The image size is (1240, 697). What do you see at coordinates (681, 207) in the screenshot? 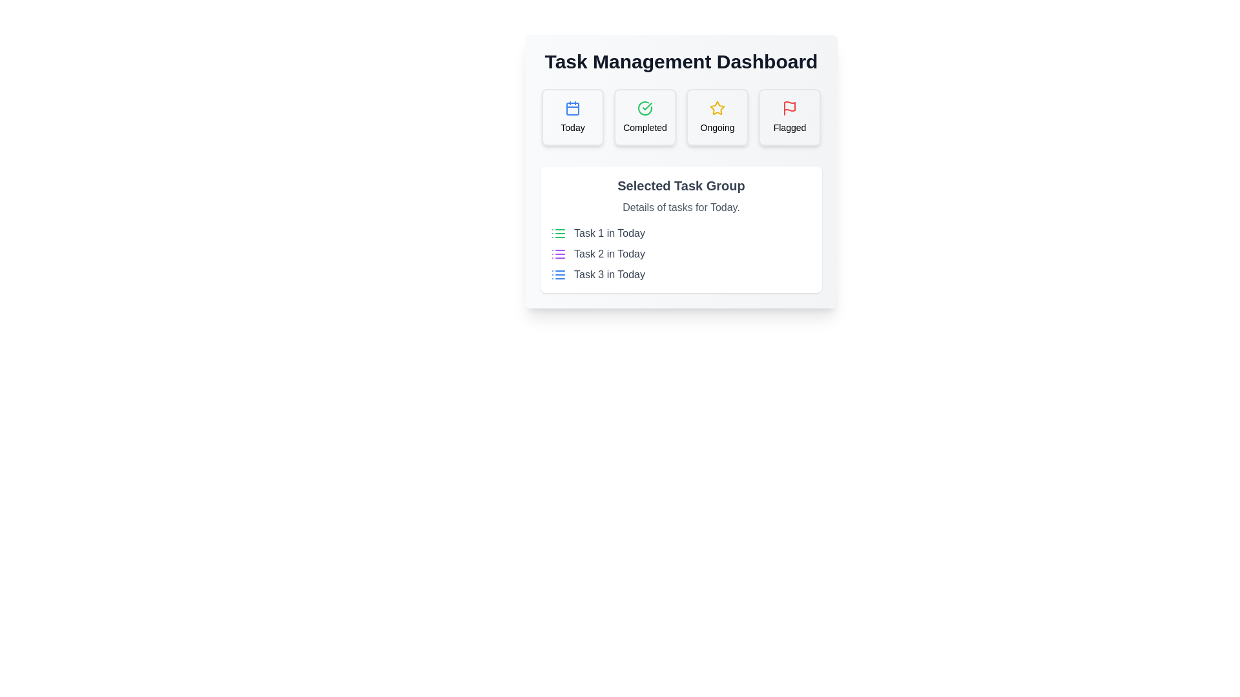
I see `the text label displaying 'Details of tasks for Today.' which is located below the title 'Selected Task Group' in the task management dashboard` at bounding box center [681, 207].